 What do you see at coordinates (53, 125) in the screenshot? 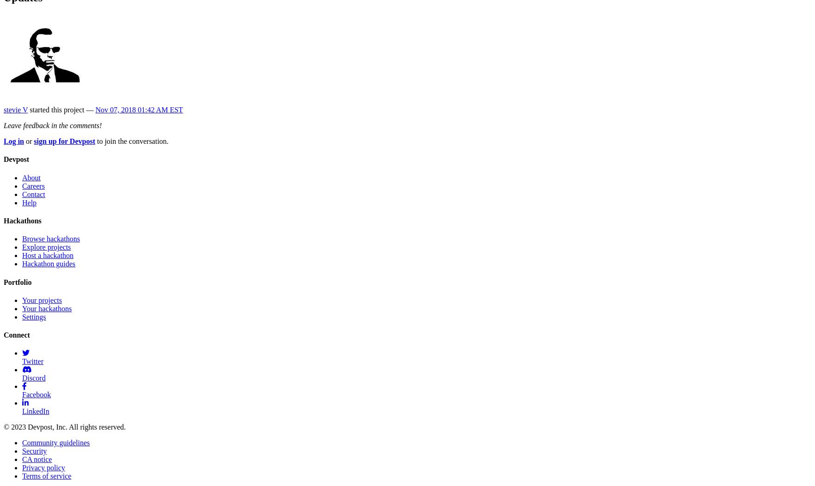
I see `'Leave feedback in the comments!'` at bounding box center [53, 125].